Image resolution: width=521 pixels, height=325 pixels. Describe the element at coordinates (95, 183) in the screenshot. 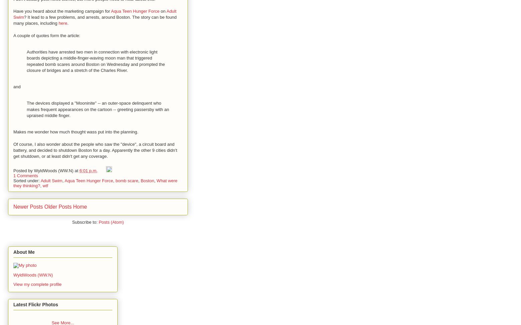

I see `'What were they thinking?'` at that location.